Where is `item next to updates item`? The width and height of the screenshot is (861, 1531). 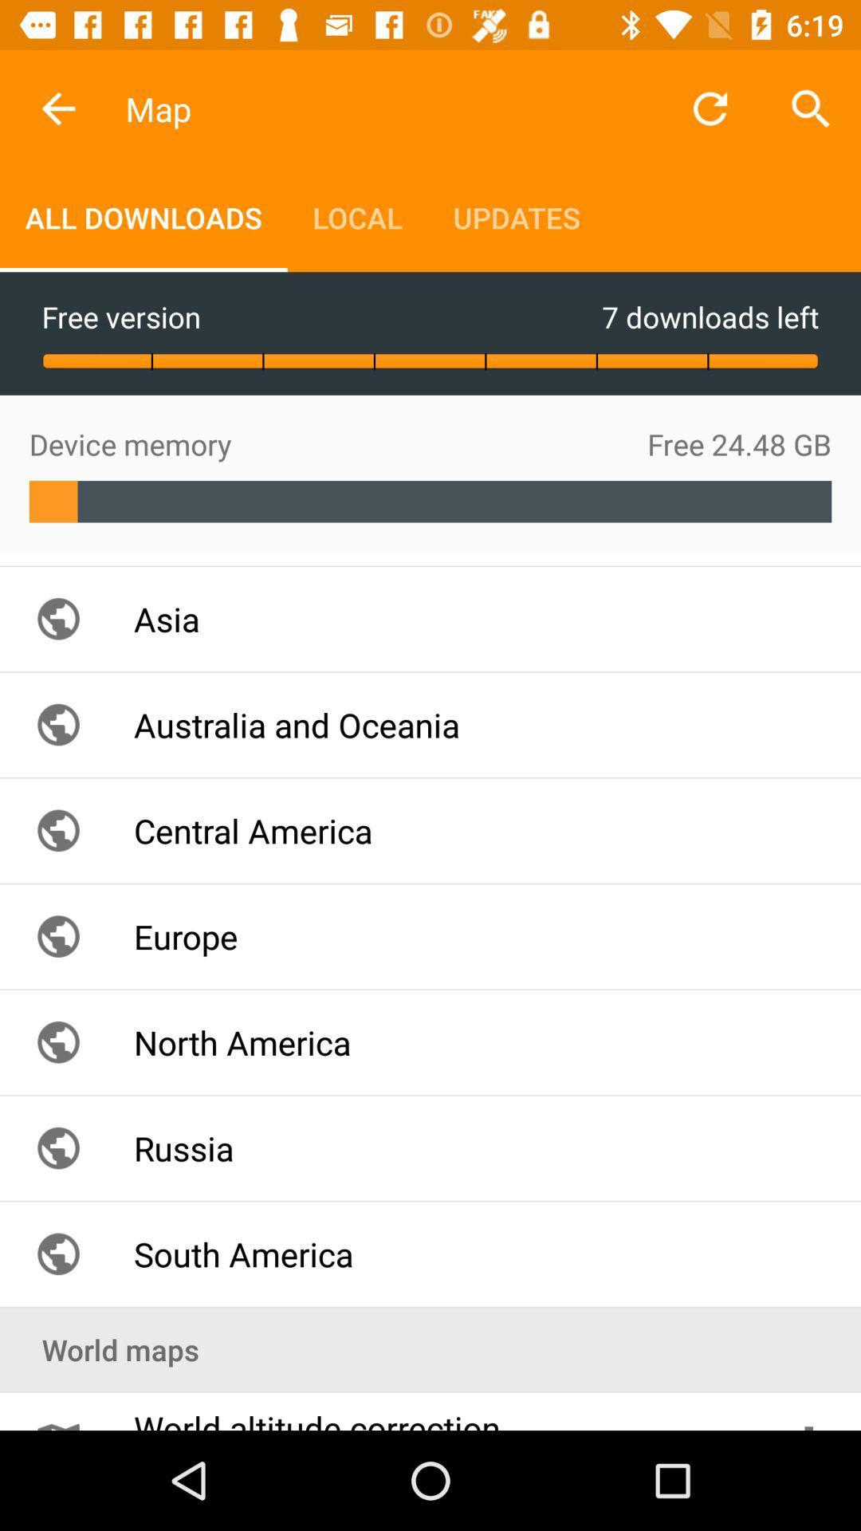
item next to updates item is located at coordinates (356, 217).